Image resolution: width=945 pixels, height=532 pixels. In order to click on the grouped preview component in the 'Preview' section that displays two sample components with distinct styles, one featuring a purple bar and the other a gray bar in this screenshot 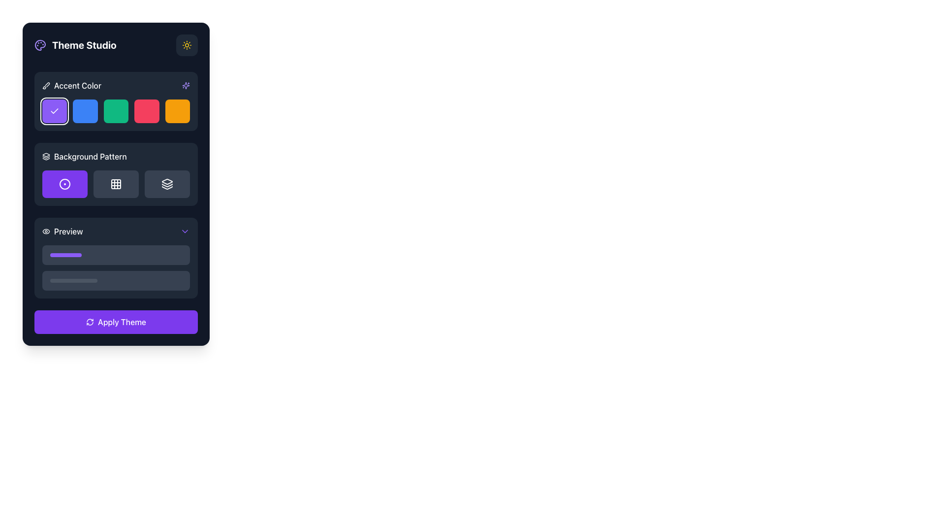, I will do `click(116, 267)`.